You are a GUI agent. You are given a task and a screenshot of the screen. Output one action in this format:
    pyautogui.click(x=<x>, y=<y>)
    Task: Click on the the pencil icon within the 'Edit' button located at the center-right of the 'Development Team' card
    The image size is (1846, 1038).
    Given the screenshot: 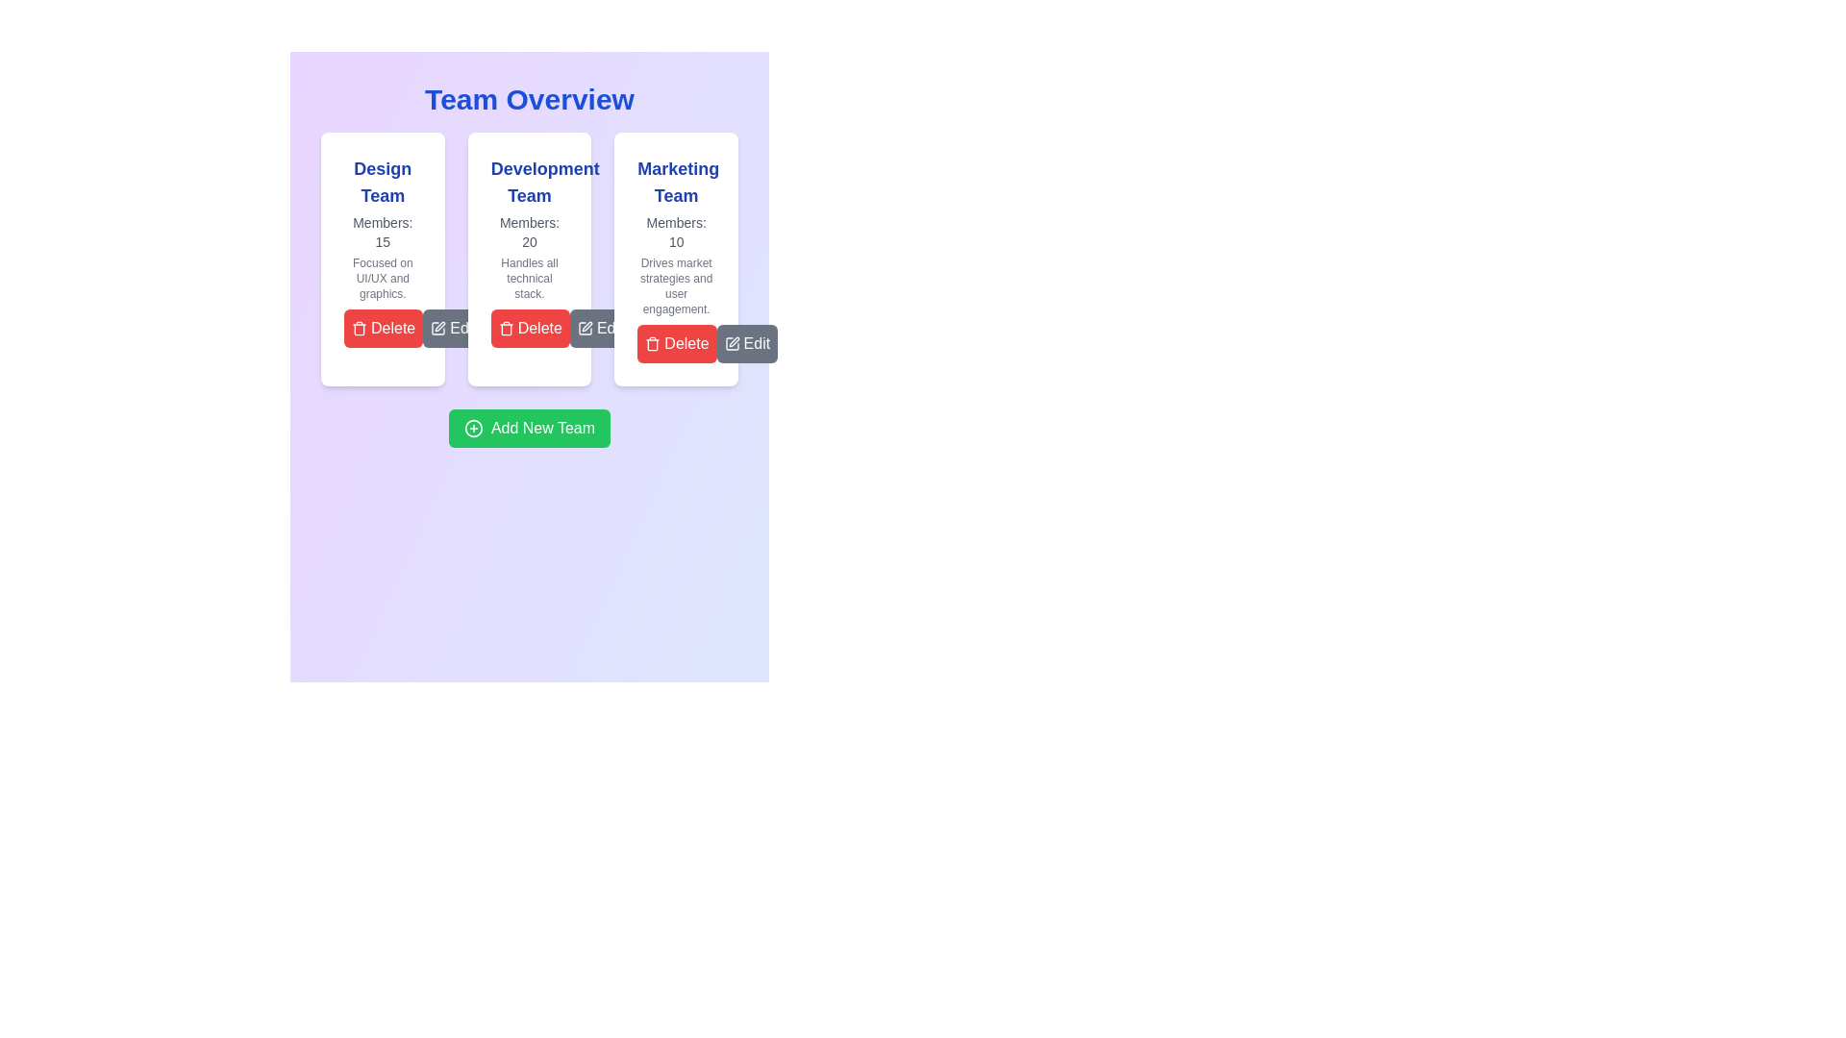 What is the action you would take?
    pyautogui.click(x=586, y=325)
    